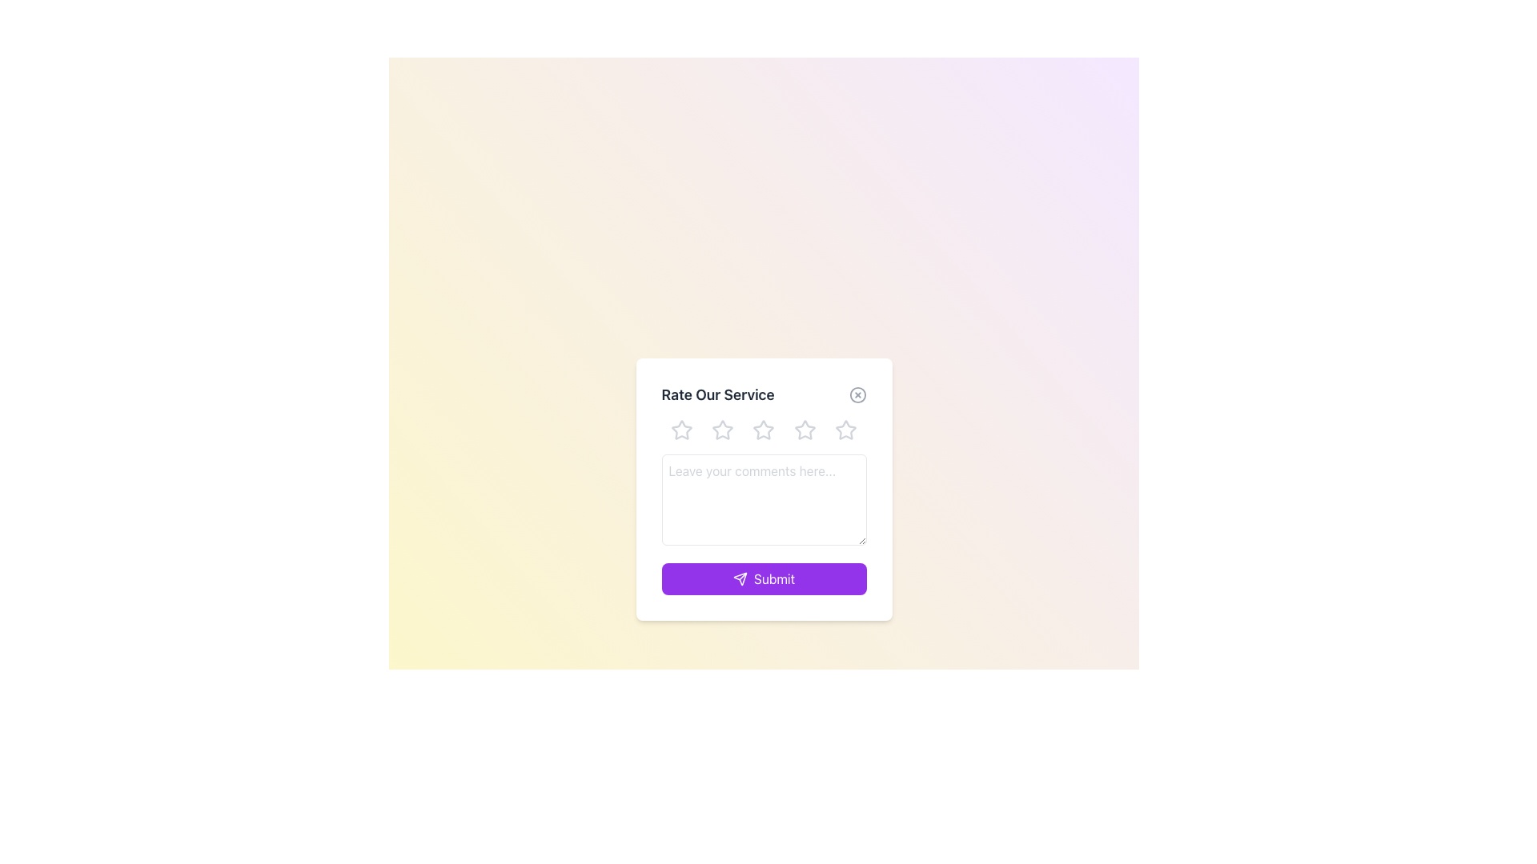 The height and width of the screenshot is (864, 1537). What do you see at coordinates (857, 394) in the screenshot?
I see `the small circular button icon with a cross inside, located at the top-right corner of the box containing the 'Rate Our Service' header` at bounding box center [857, 394].